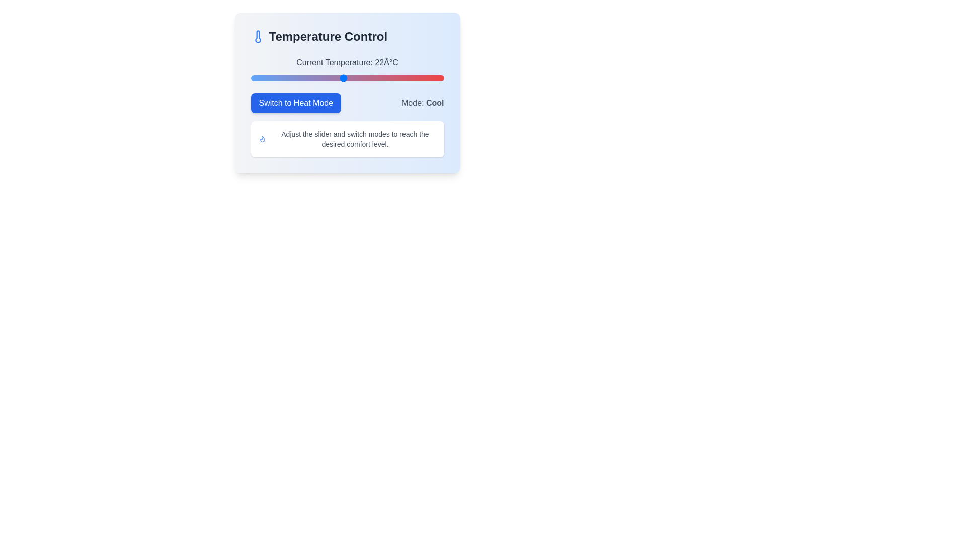  Describe the element at coordinates (436, 77) in the screenshot. I see `the temperature slider to set the value to 34°C` at that location.